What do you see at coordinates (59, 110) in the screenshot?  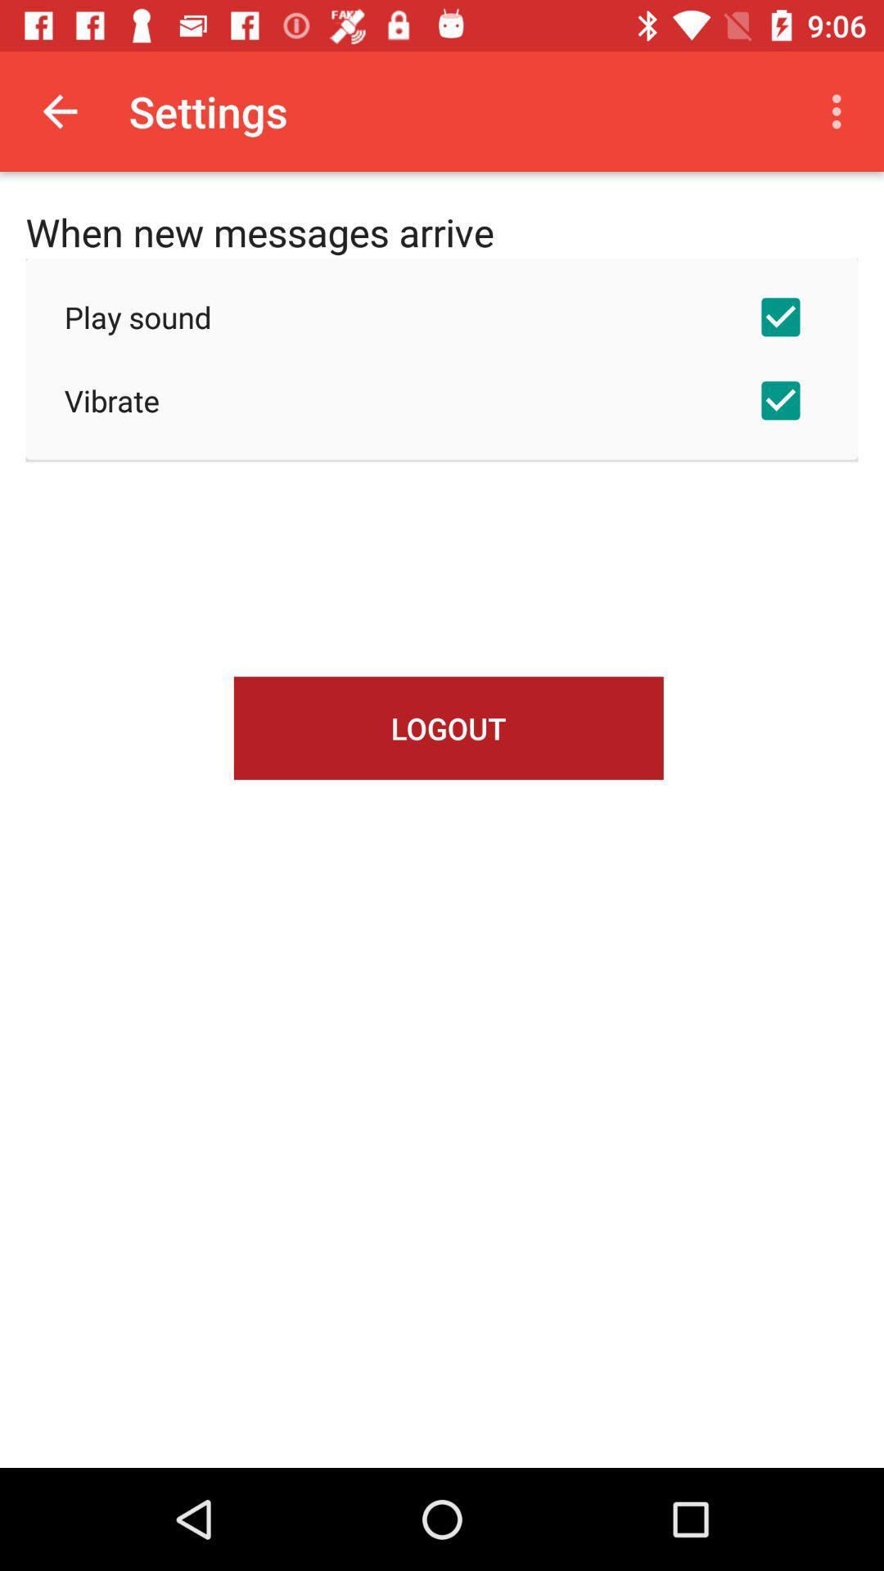 I see `the item to the left of settings item` at bounding box center [59, 110].